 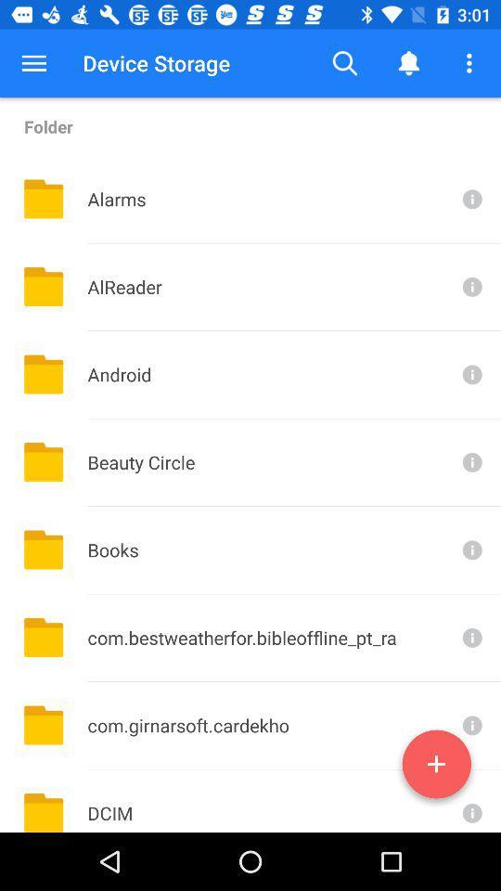 I want to click on new, so click(x=436, y=768).